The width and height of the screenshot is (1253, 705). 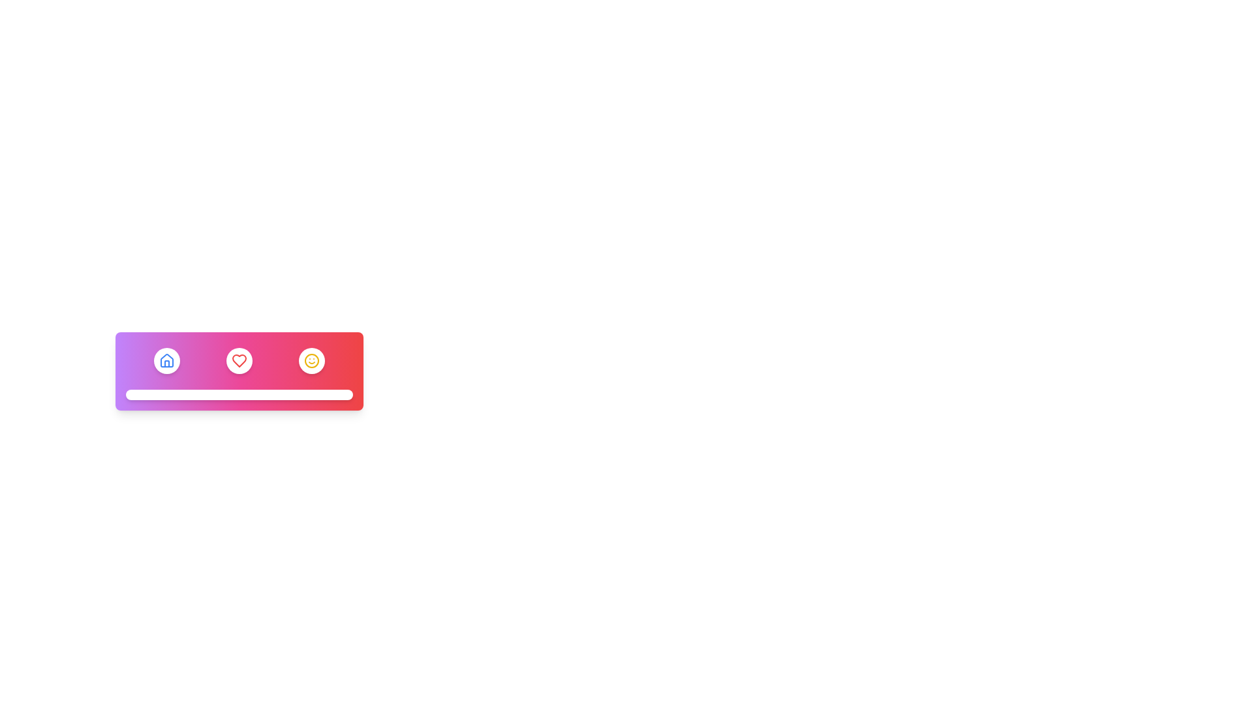 I want to click on the circular graphical element (SVG) that forms the outer boundary of the smiley face icon, located at the rightmost position in the bottom navigation bar, so click(x=311, y=360).